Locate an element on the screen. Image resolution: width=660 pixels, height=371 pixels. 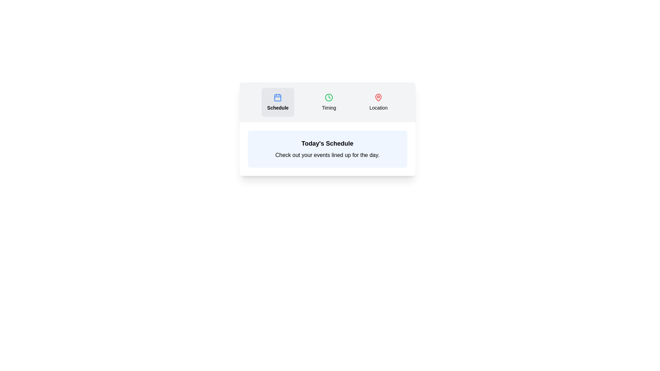
the tab button labeled Schedule is located at coordinates (278, 102).